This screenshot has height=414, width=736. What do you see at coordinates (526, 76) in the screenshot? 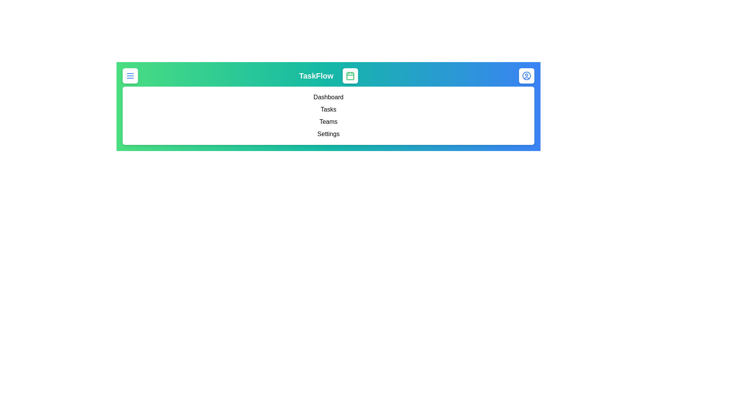
I see `the user icon to access the user profile` at bounding box center [526, 76].